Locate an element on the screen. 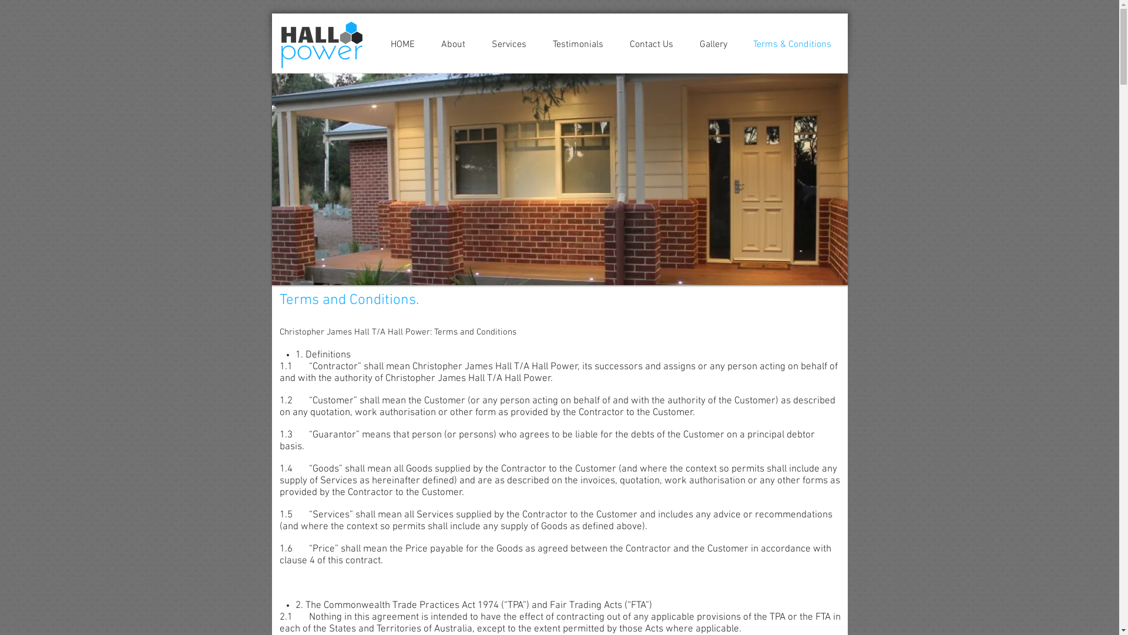  'HOME' is located at coordinates (402, 44).